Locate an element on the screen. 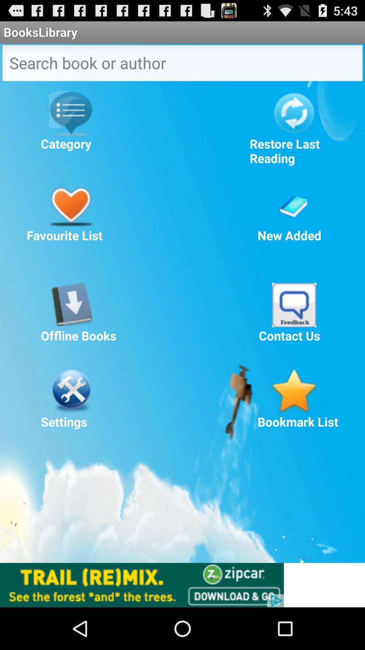 The image size is (365, 650). the star icon is located at coordinates (294, 418).